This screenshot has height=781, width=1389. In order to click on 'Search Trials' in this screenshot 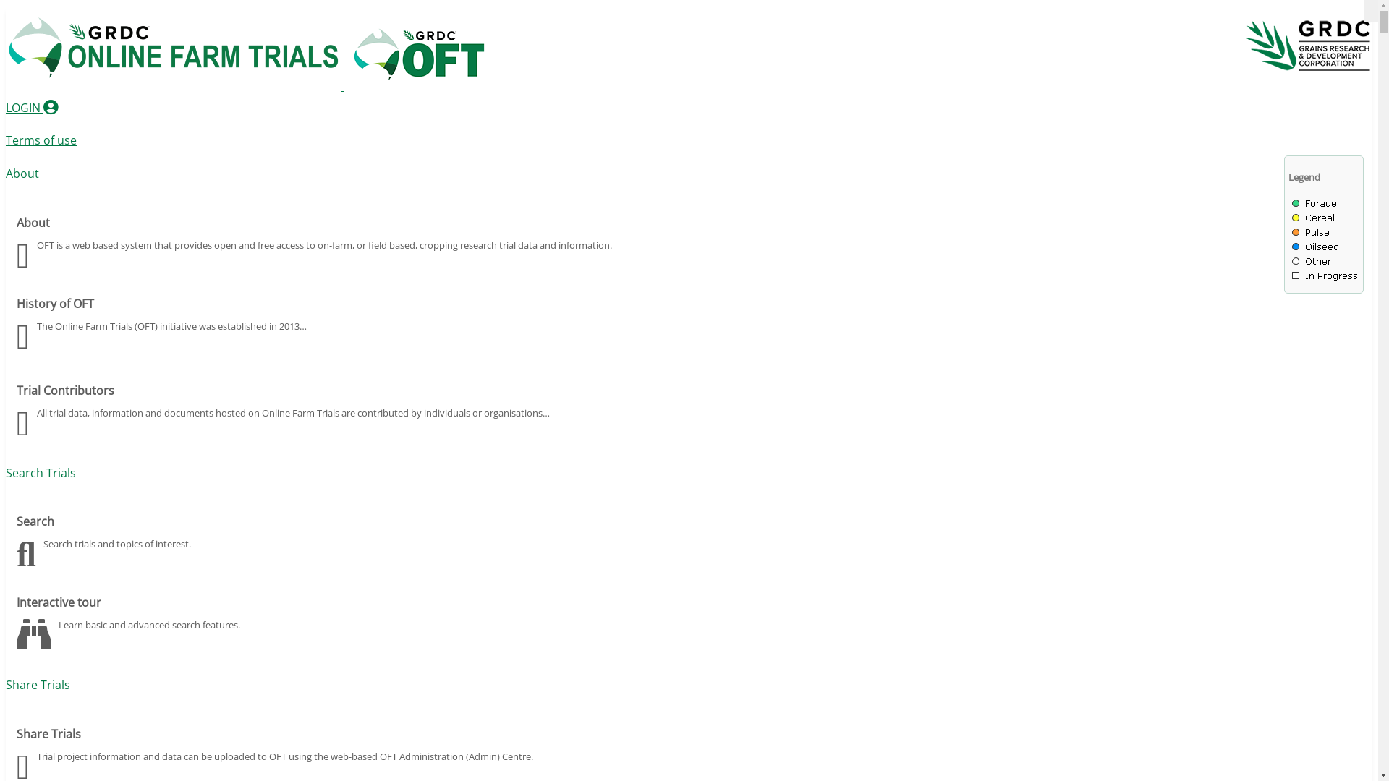, I will do `click(41, 473)`.